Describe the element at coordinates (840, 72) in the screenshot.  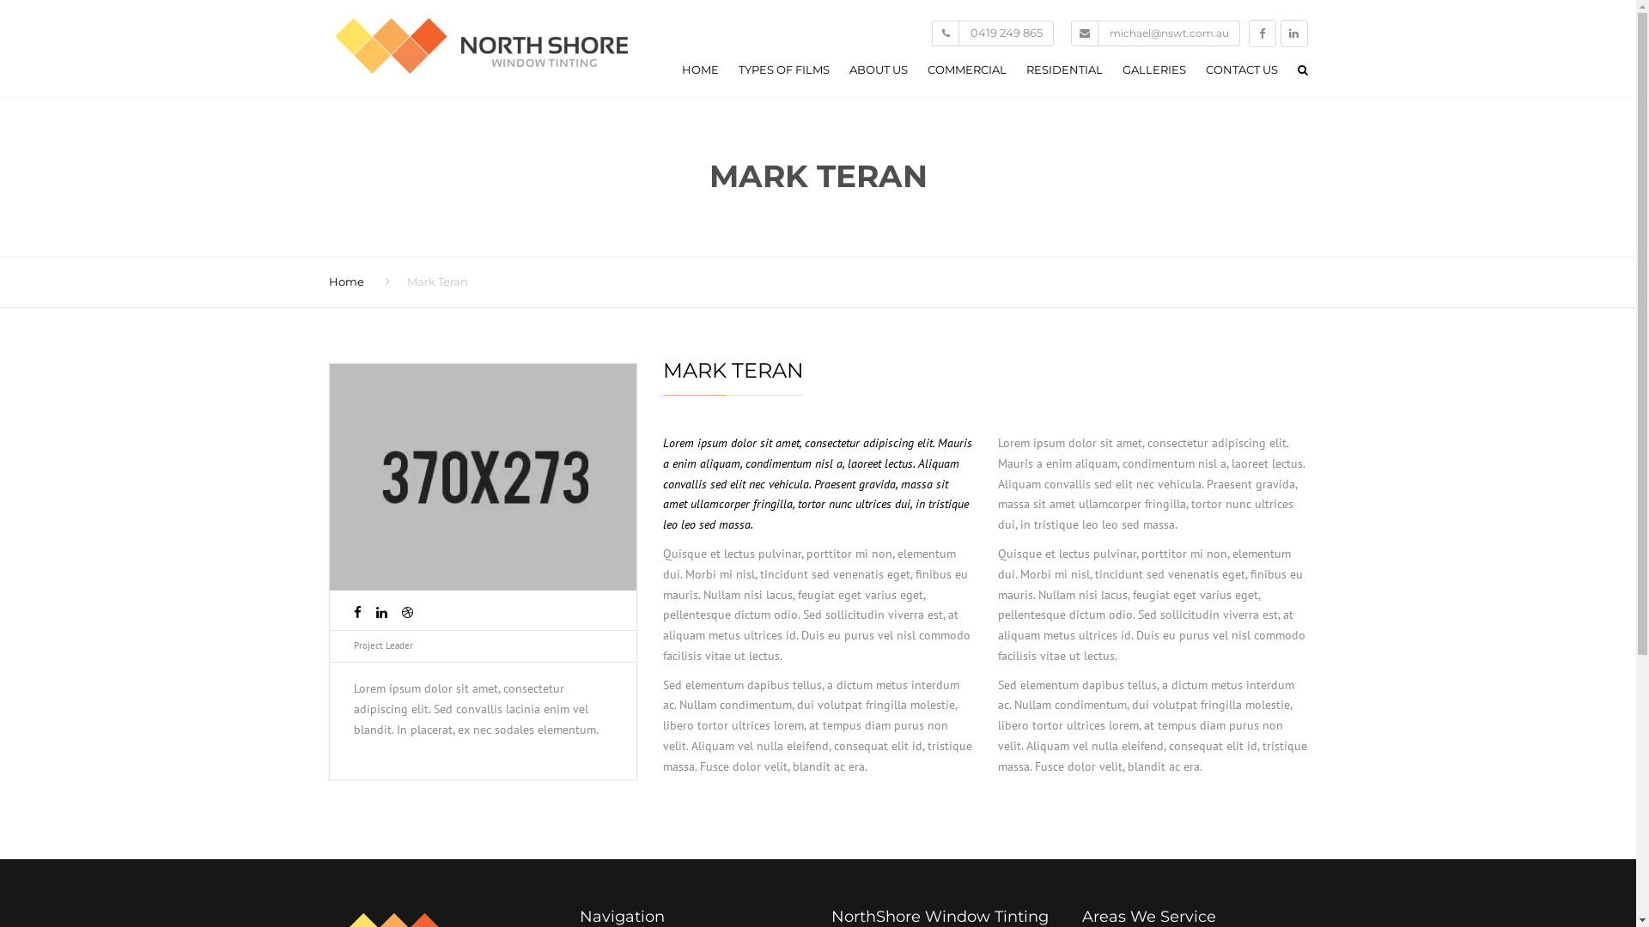
I see `'ABOUT US'` at that location.